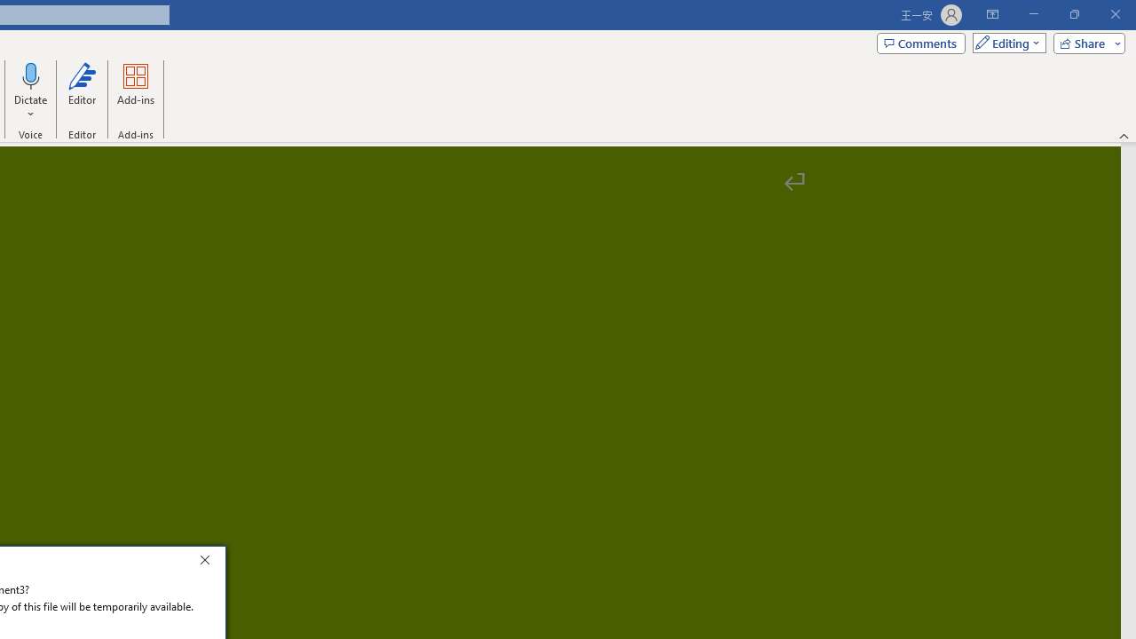  Describe the element at coordinates (1033, 14) in the screenshot. I see `'Minimize'` at that location.